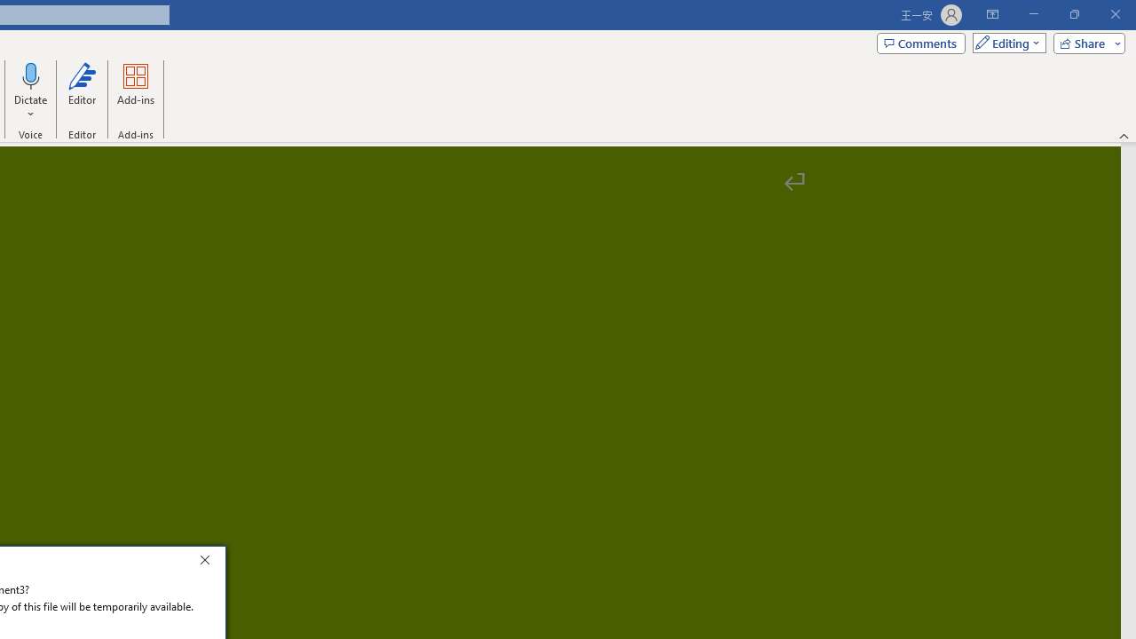  Describe the element at coordinates (1033, 14) in the screenshot. I see `'Minimize'` at that location.